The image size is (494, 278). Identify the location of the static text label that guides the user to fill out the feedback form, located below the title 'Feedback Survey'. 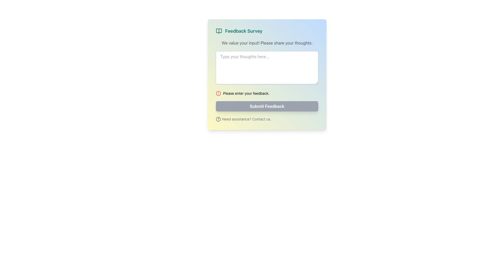
(267, 42).